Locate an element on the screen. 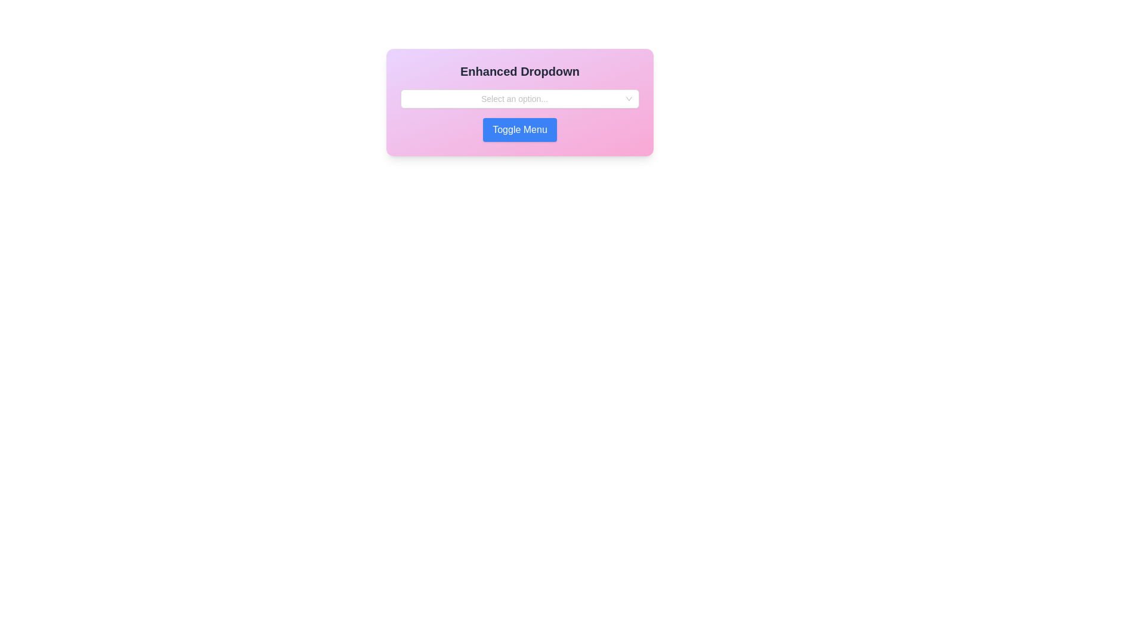 This screenshot has width=1145, height=644. the Enhanced Dropdown combobox element by tabbing to it, which is positioned centrally below the 'Enhanced Dropdown' text and above the 'Toggle Menu' button is located at coordinates (520, 98).